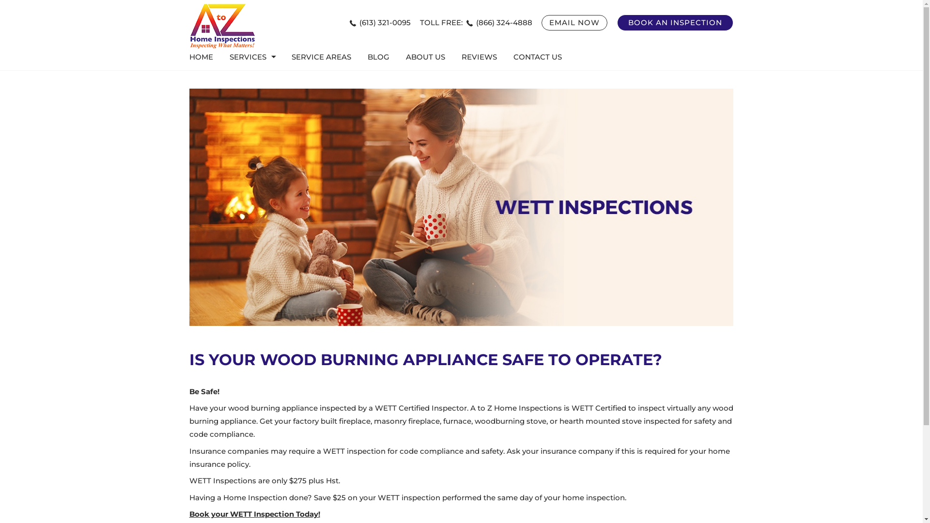 Image resolution: width=930 pixels, height=523 pixels. I want to click on 'SERVICE AREAS', so click(321, 57).